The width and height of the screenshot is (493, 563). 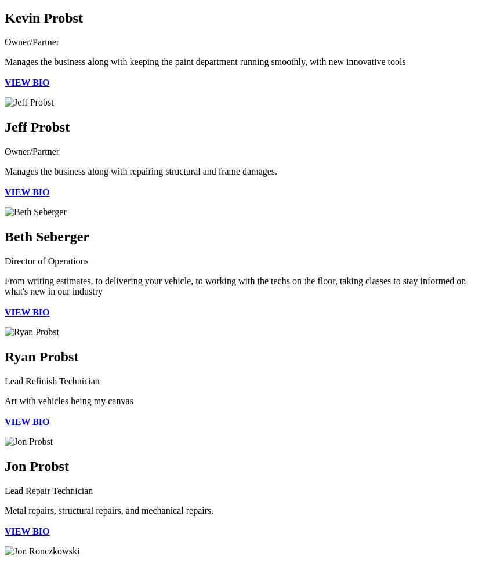 I want to click on 'Art with vehicles being my canvas', so click(x=3, y=400).